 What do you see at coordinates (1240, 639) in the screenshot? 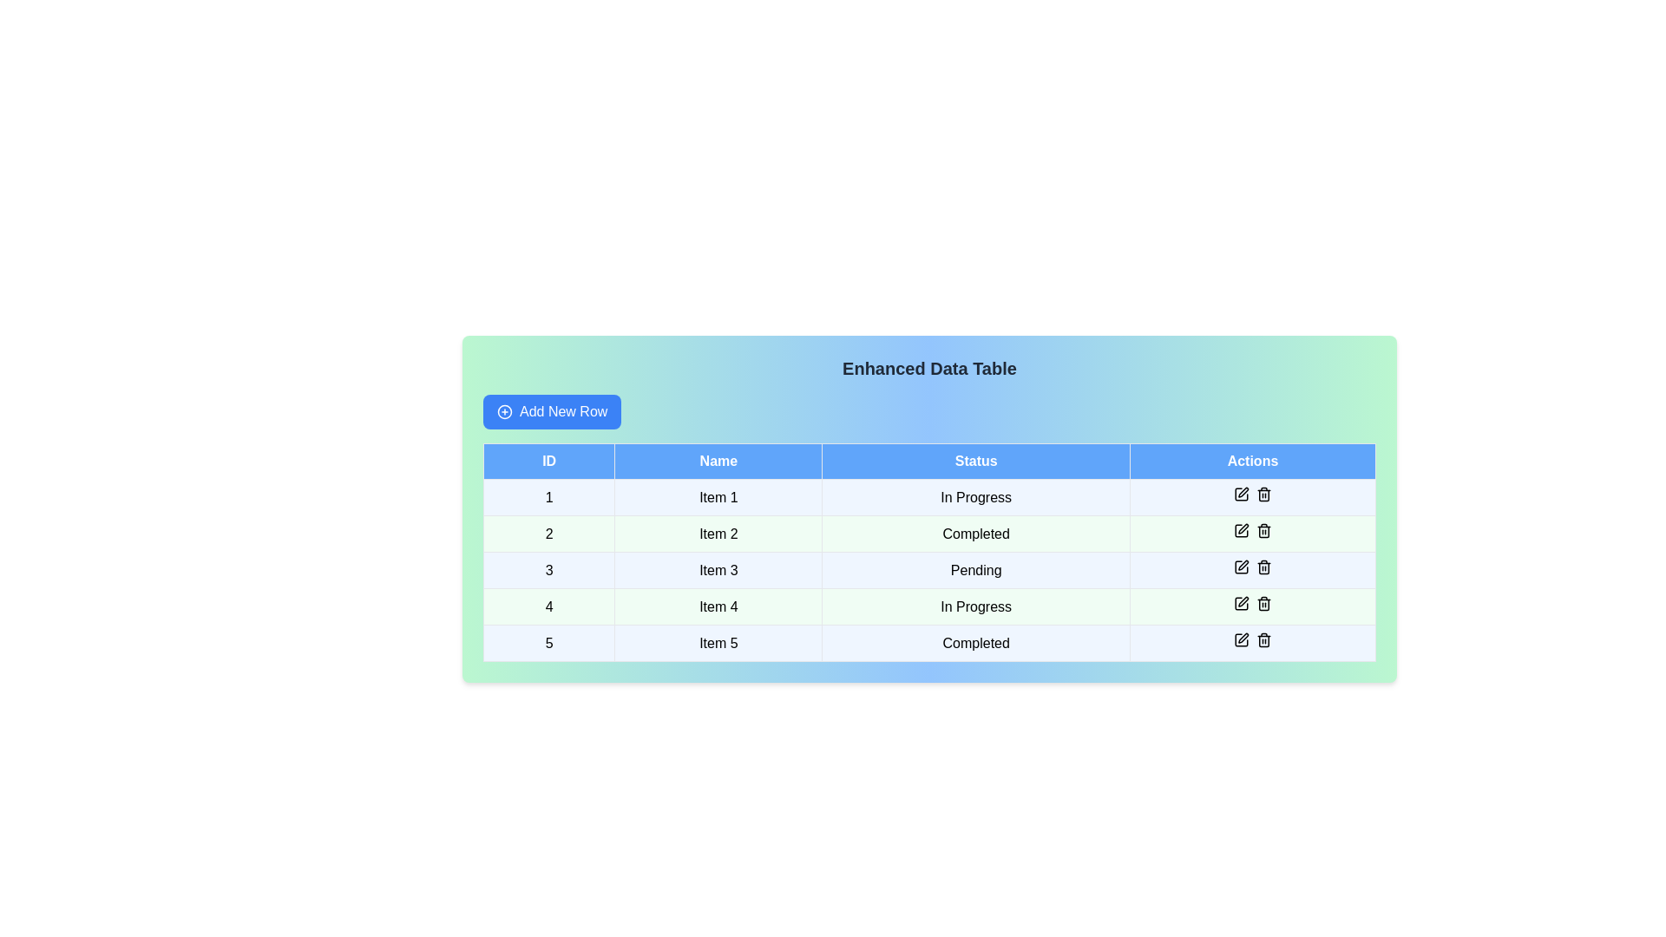
I see `the edit button featuring a monochrome pen icon located in the last row of the data table under the 'Actions' column` at bounding box center [1240, 639].